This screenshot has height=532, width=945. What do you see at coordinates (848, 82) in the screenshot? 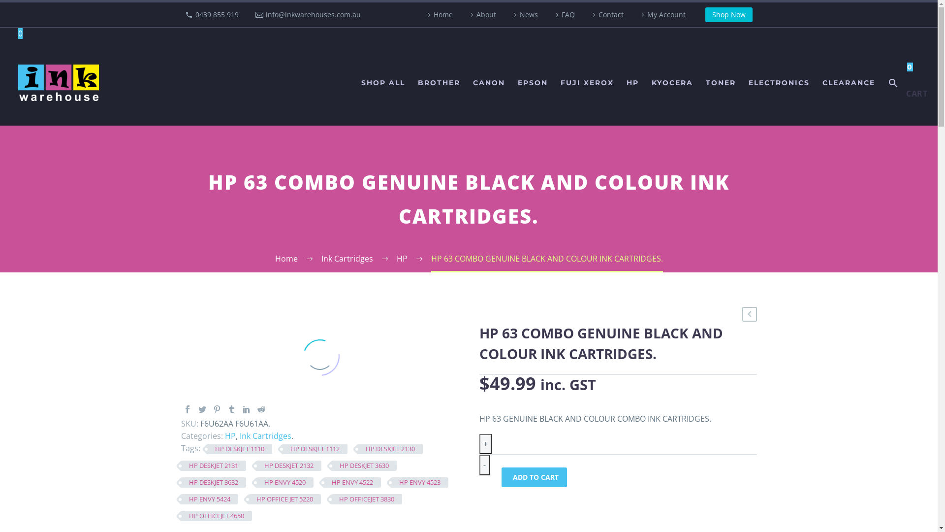
I see `'CLEARANCE'` at bounding box center [848, 82].